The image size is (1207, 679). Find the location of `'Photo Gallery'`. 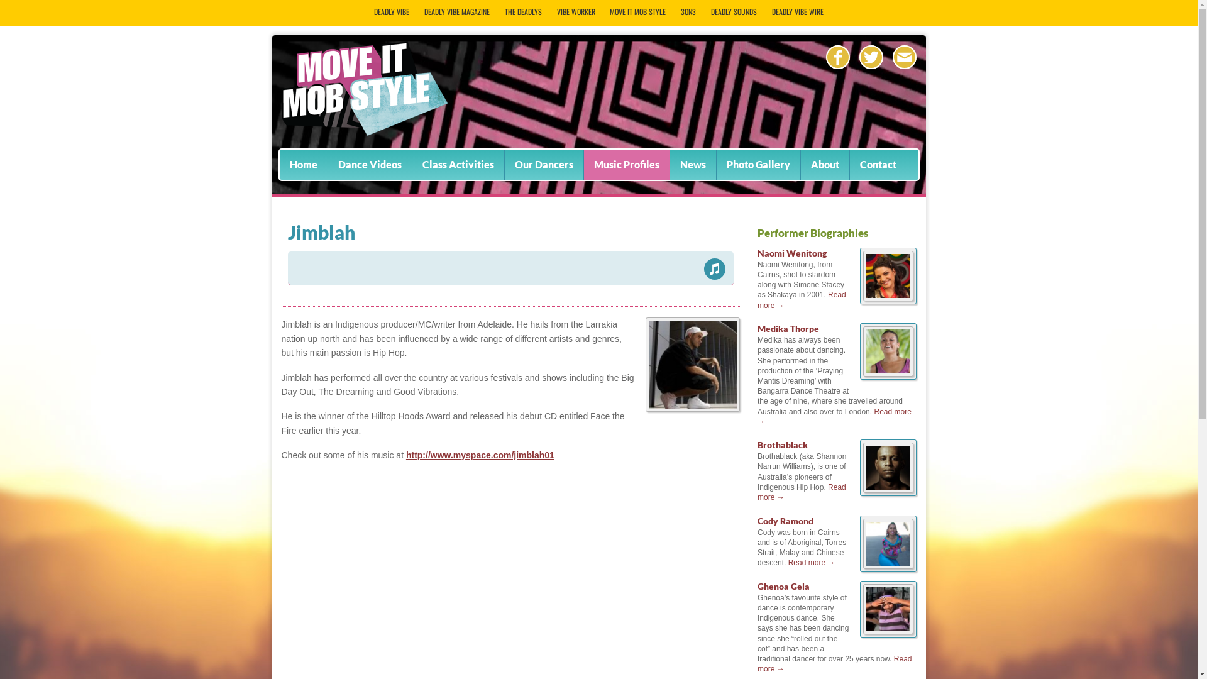

'Photo Gallery' is located at coordinates (758, 164).